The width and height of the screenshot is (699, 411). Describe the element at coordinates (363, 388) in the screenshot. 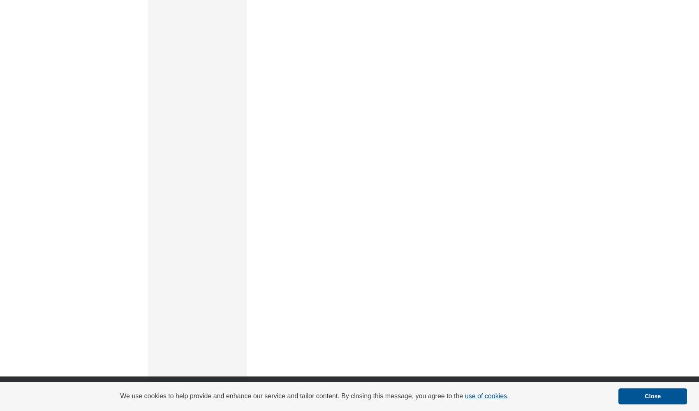

I see `'Accessibility Statement'` at that location.